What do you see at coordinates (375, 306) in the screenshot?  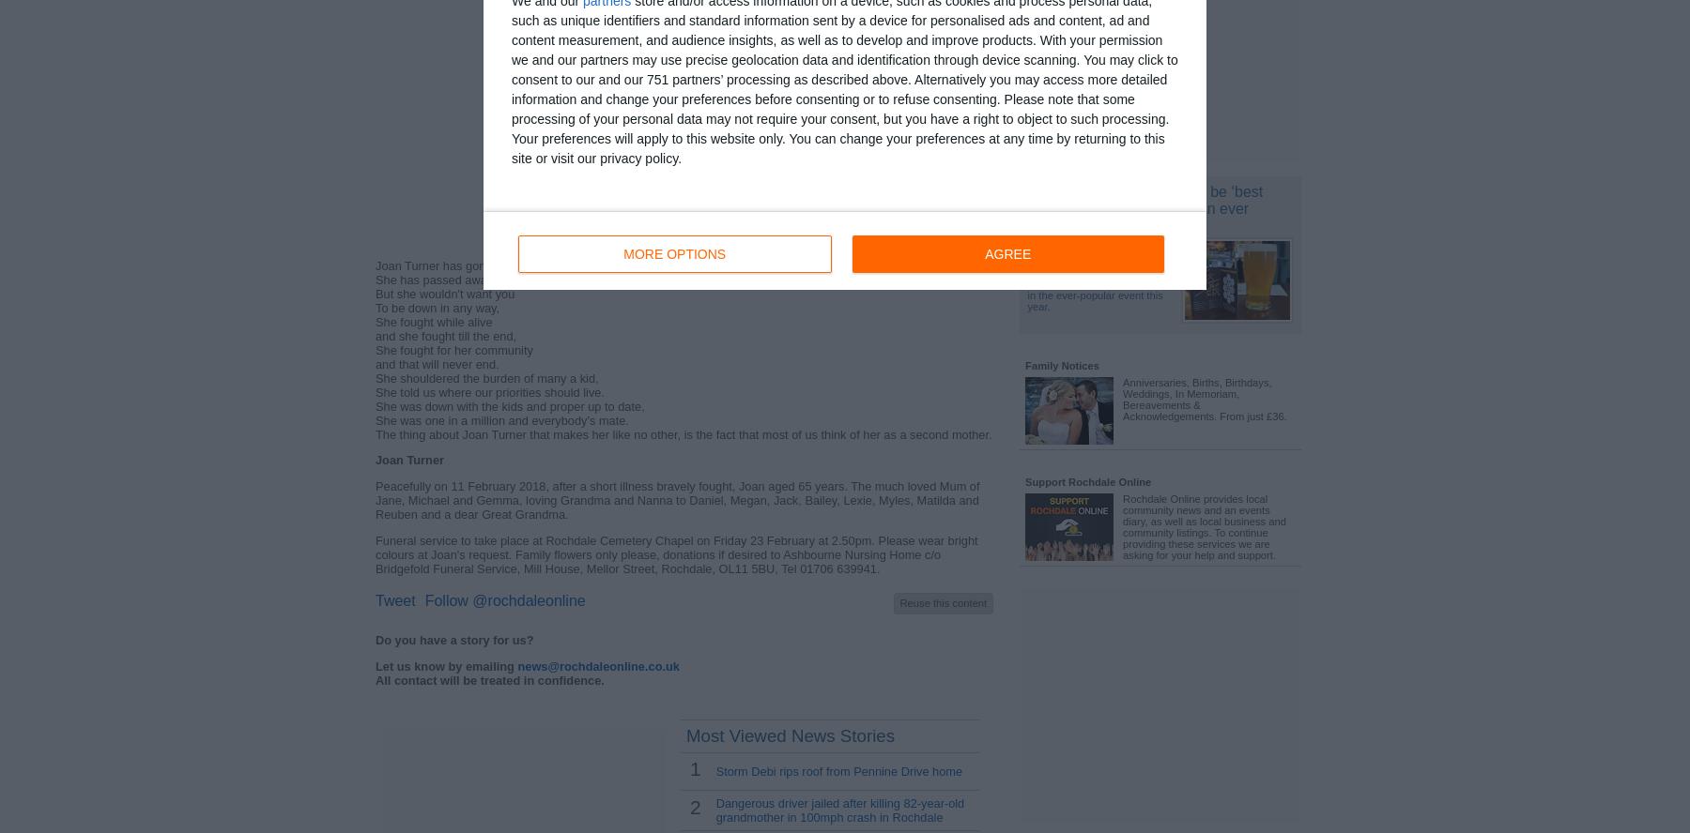 I see `'To be down in any way,'` at bounding box center [375, 306].